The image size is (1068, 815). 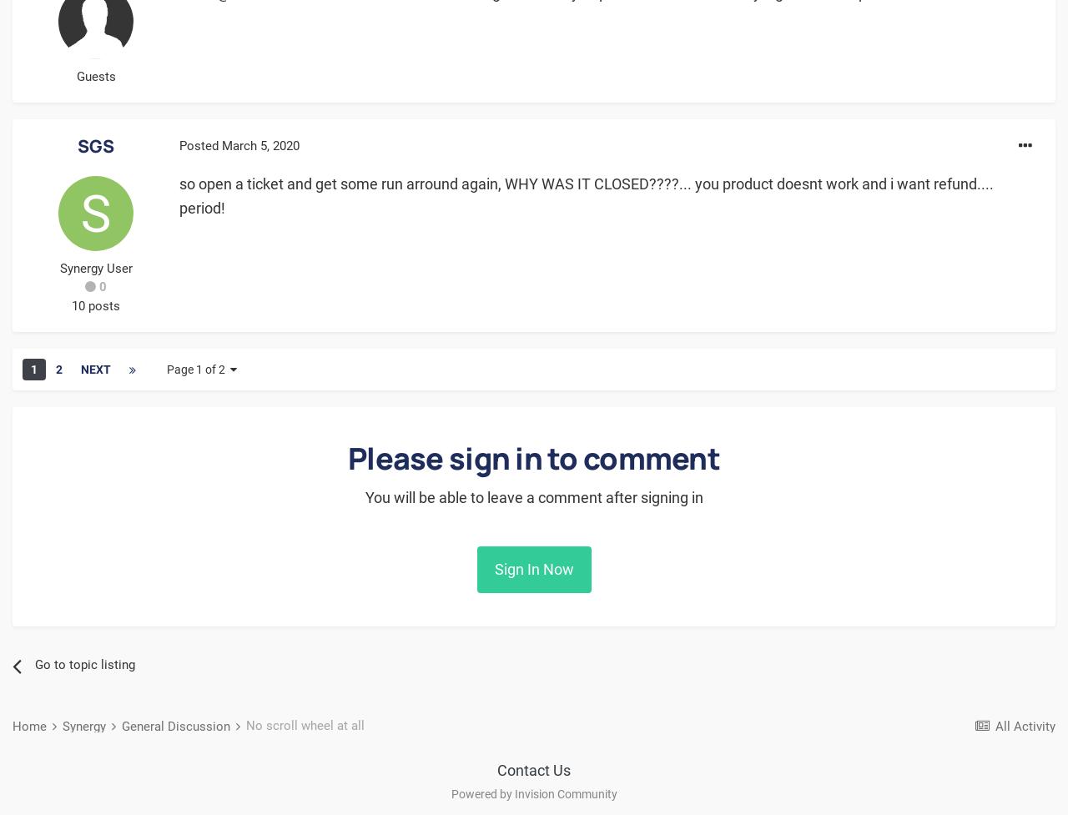 What do you see at coordinates (200, 144) in the screenshot?
I see `'Posted'` at bounding box center [200, 144].